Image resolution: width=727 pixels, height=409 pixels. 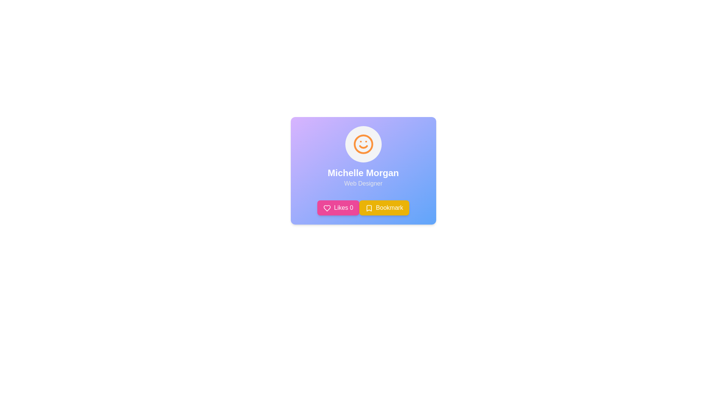 I want to click on the orange-colored smiley face icon, which is centered within a gray circular background, located above the name 'Michelle Morgan' and the role 'Web Designer', so click(x=363, y=144).